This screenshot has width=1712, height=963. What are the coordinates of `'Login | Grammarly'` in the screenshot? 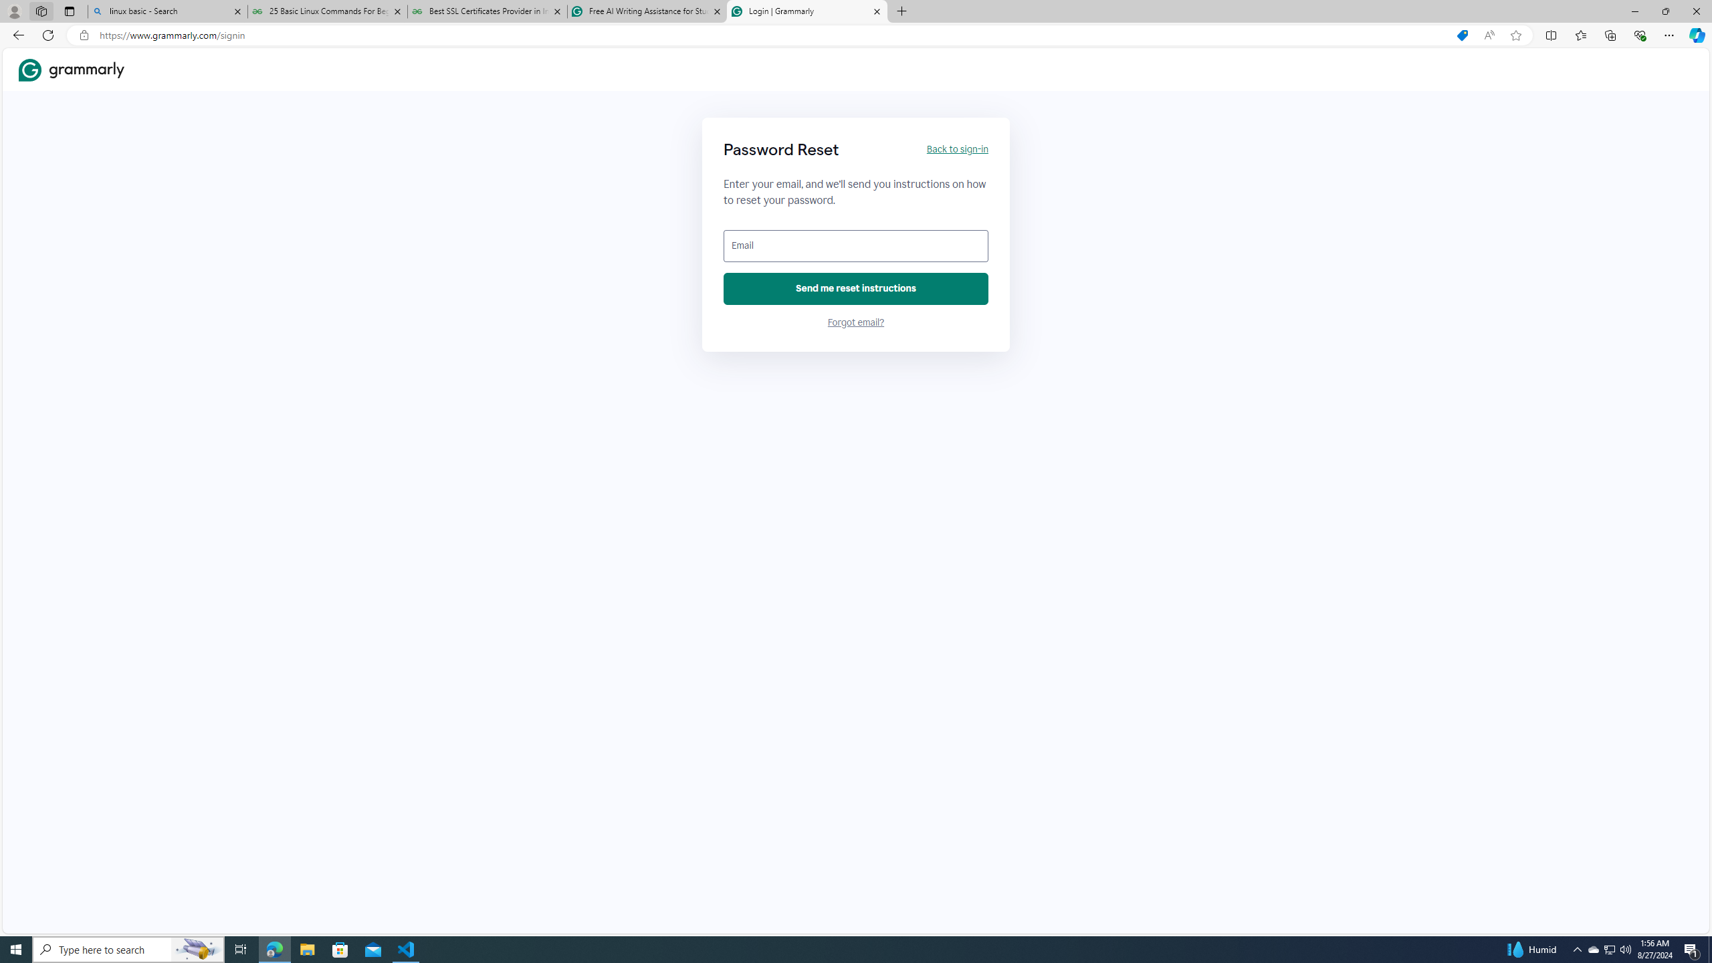 It's located at (805, 11).